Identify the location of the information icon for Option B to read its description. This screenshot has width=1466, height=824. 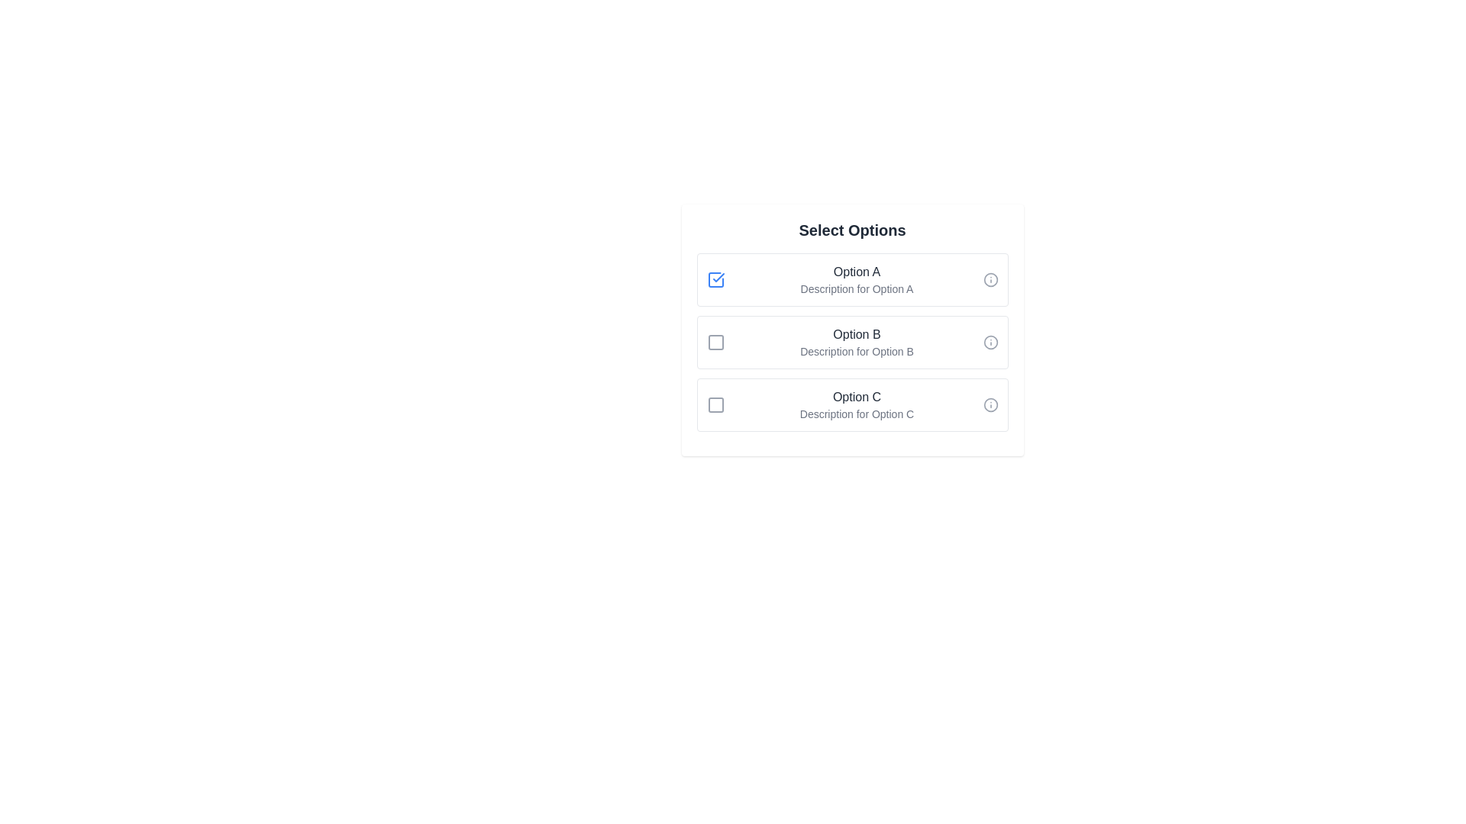
(990, 341).